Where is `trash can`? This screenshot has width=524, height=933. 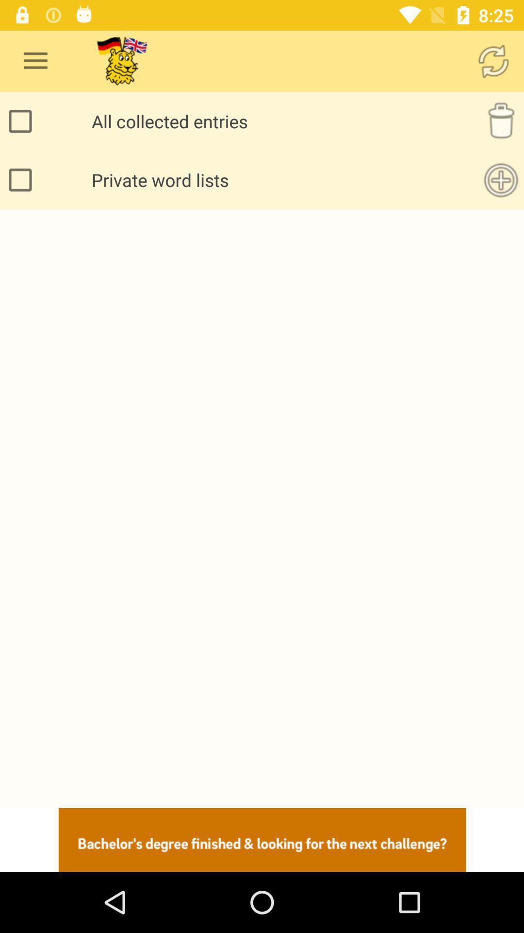
trash can is located at coordinates (501, 121).